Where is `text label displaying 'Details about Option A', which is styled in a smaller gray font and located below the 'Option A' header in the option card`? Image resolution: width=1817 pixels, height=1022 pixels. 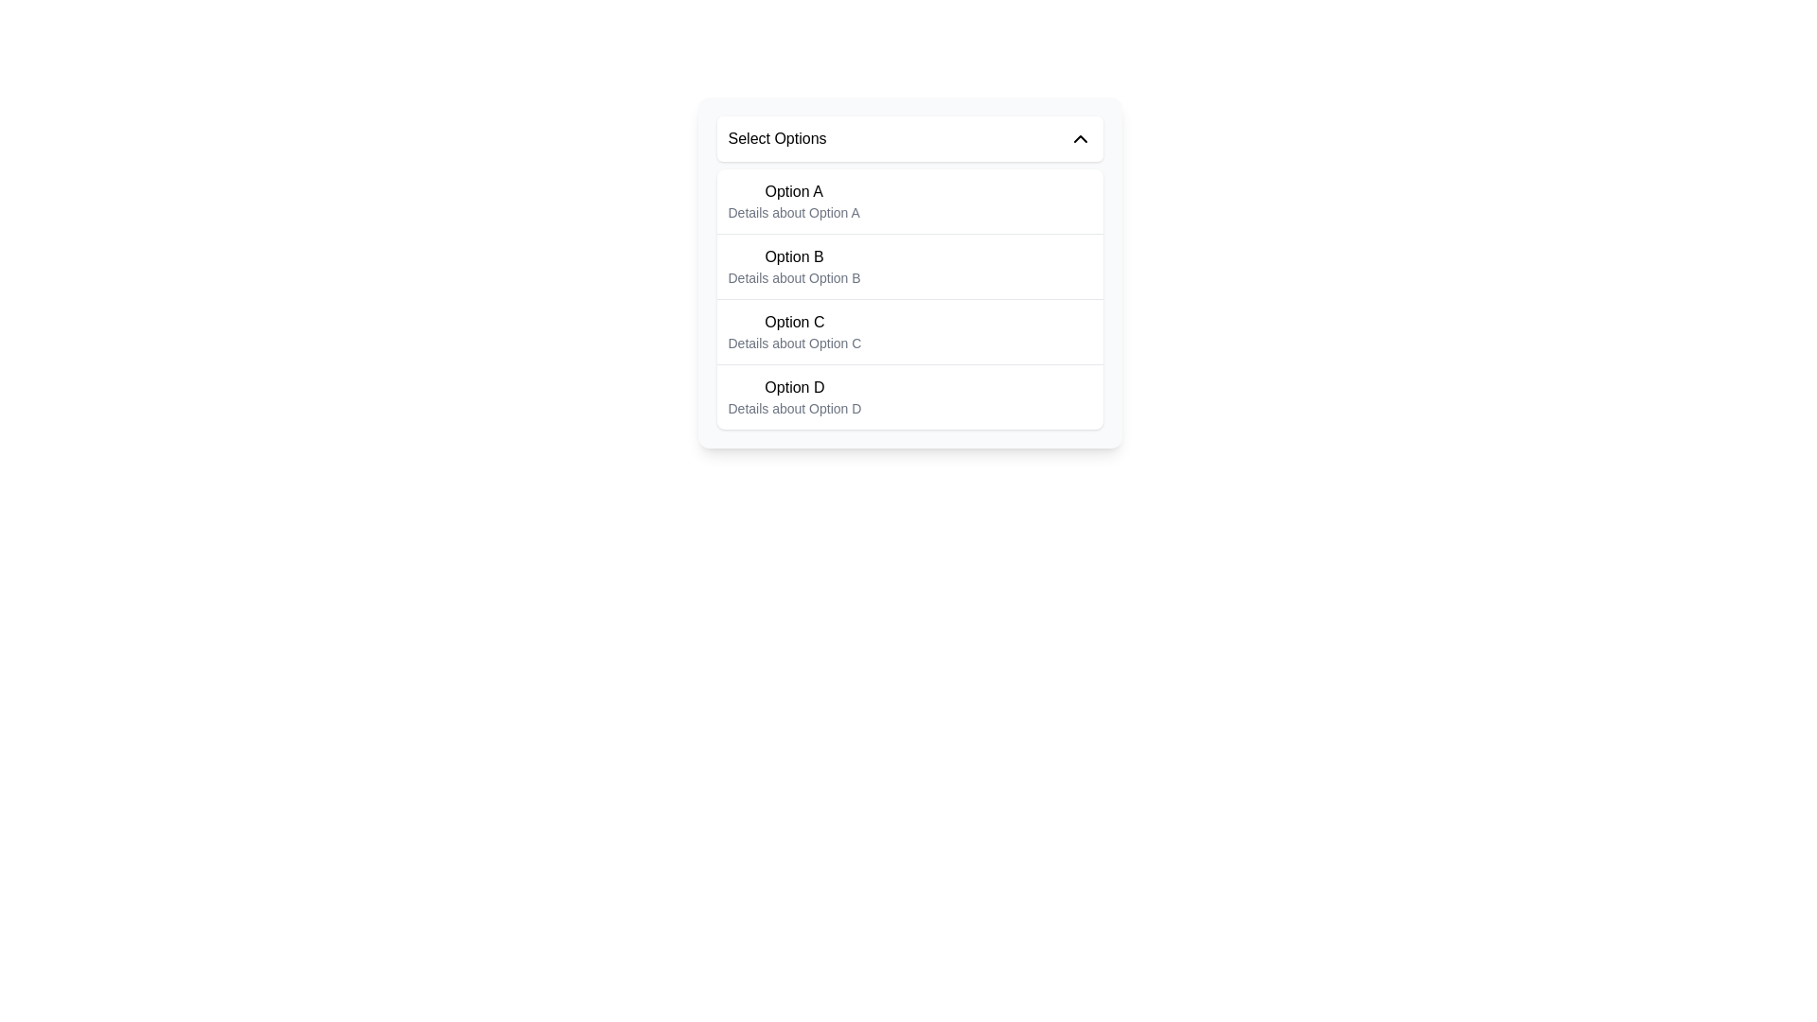
text label displaying 'Details about Option A', which is styled in a smaller gray font and located below the 'Option A' header in the option card is located at coordinates (794, 212).